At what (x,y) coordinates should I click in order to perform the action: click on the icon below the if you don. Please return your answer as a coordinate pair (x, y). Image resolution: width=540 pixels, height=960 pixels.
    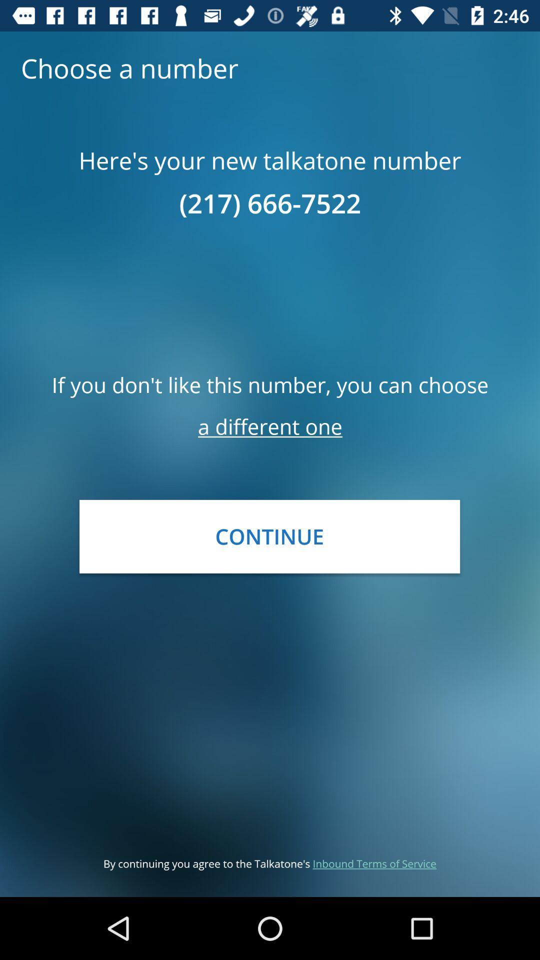
    Looking at the image, I should click on (270, 426).